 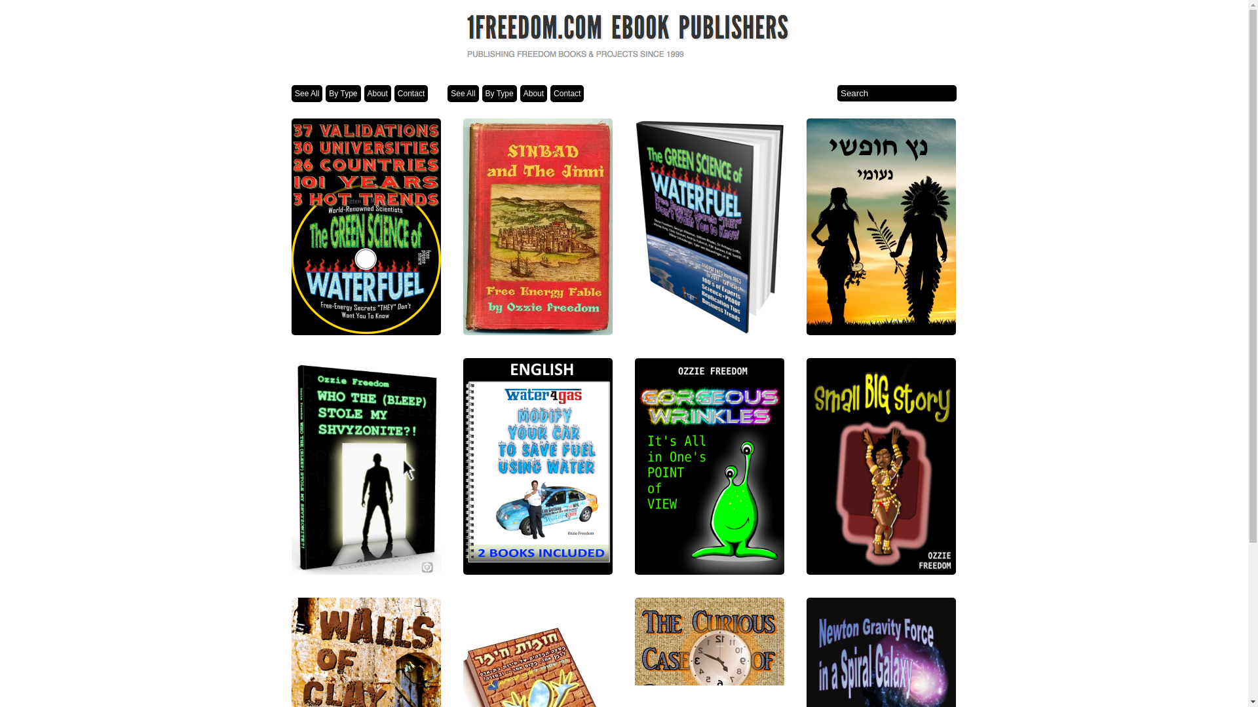 I want to click on 'Search', so click(x=896, y=92).